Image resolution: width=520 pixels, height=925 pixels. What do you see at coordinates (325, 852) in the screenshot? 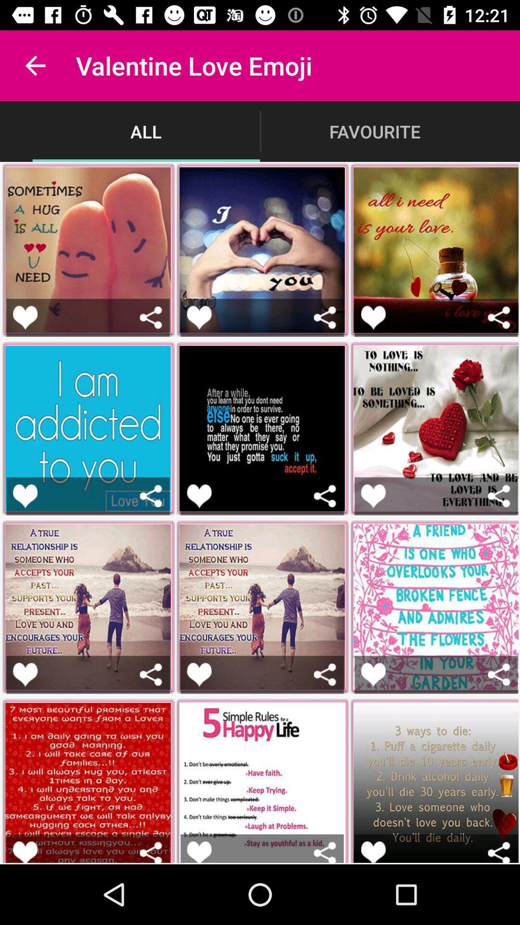
I see `share image` at bounding box center [325, 852].